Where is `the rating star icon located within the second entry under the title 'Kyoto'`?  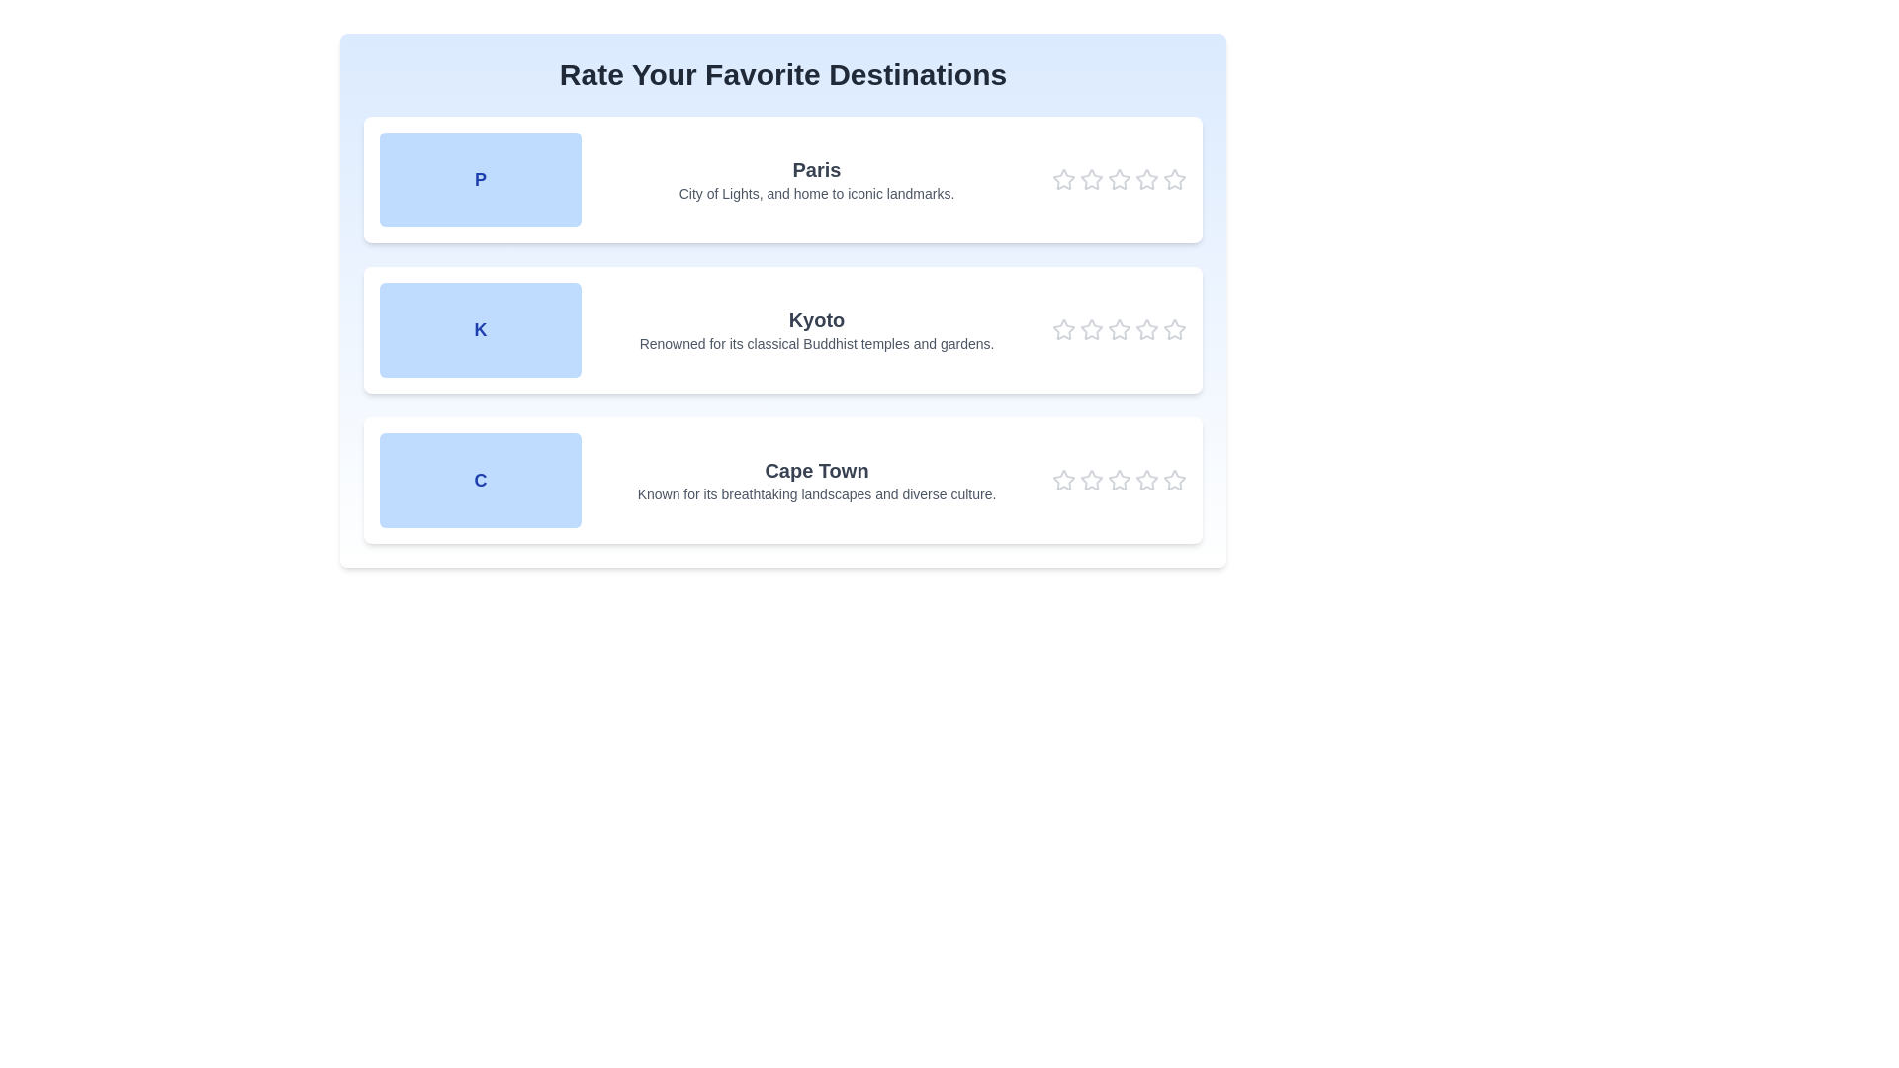
the rating star icon located within the second entry under the title 'Kyoto' is located at coordinates (1175, 328).